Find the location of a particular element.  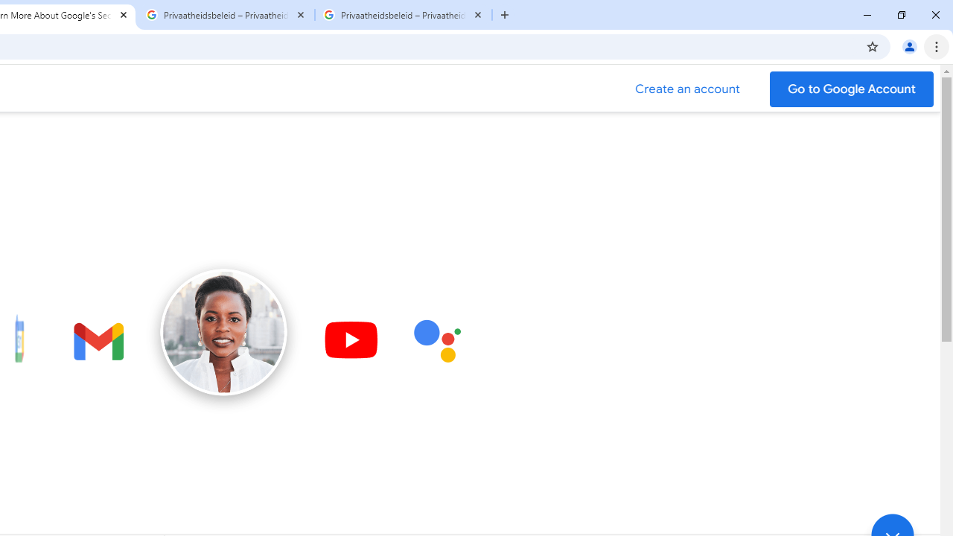

'Go to your Google Account' is located at coordinates (852, 89).